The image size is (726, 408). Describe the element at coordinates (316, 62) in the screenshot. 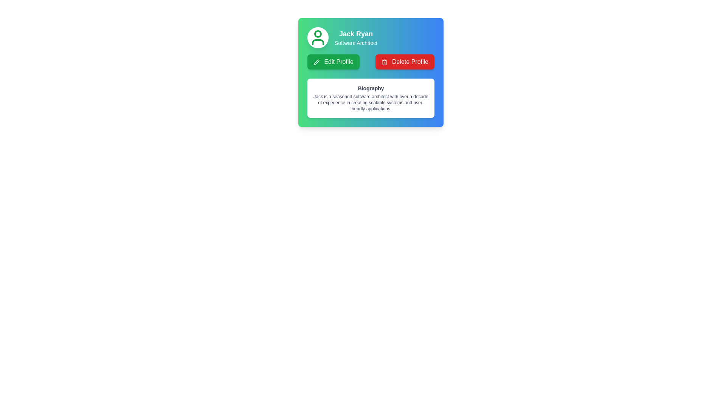

I see `the pen icon within the 'Edit Profile' button, which has a green background and is located at the top-left corner of the profile card` at that location.